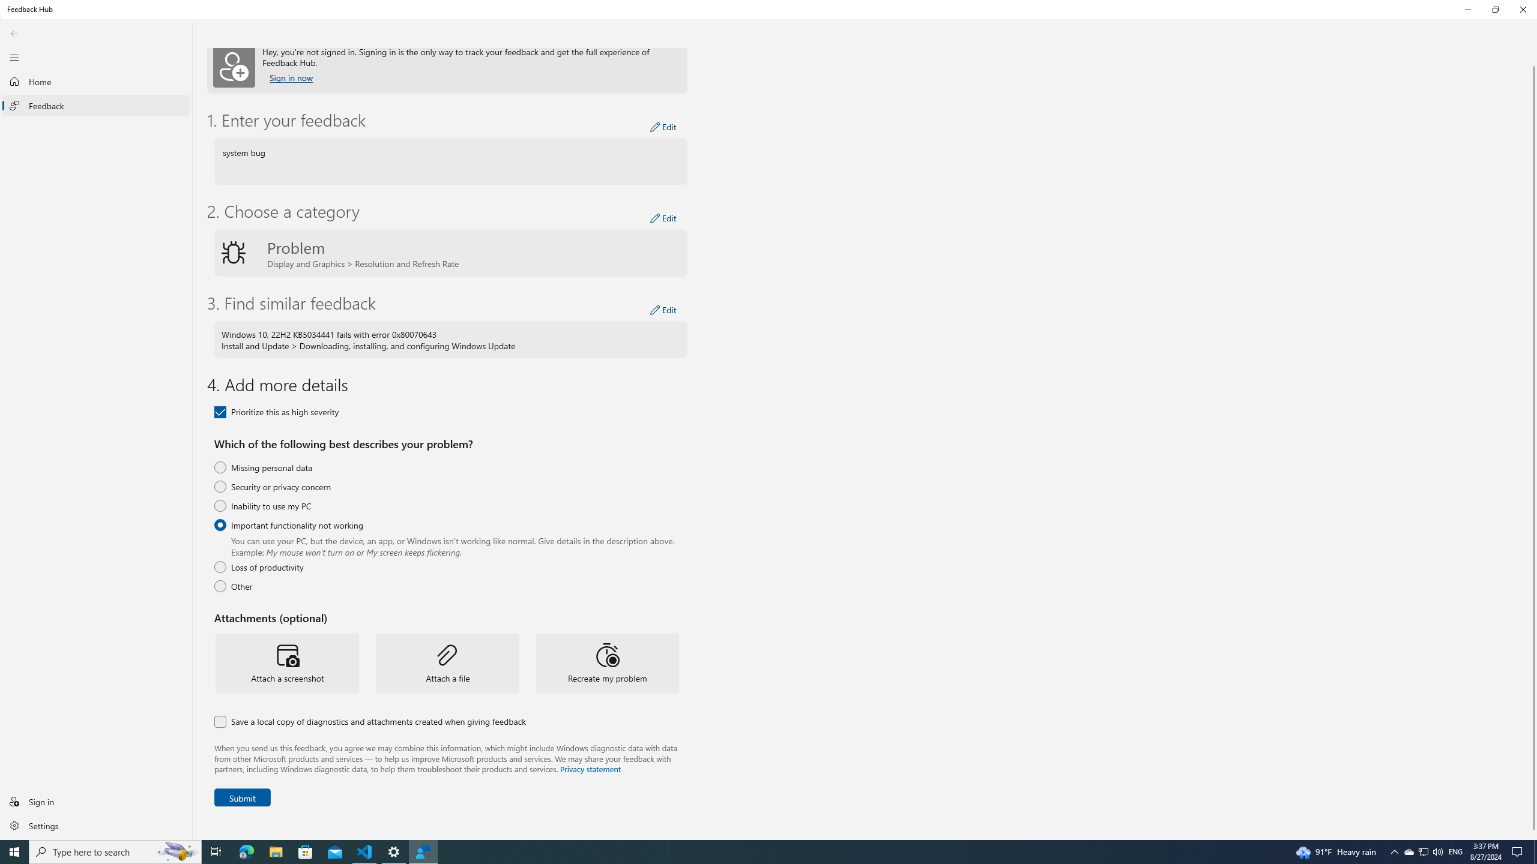 This screenshot has height=864, width=1537. Describe the element at coordinates (1535, 851) in the screenshot. I see `'Show desktop'` at that location.